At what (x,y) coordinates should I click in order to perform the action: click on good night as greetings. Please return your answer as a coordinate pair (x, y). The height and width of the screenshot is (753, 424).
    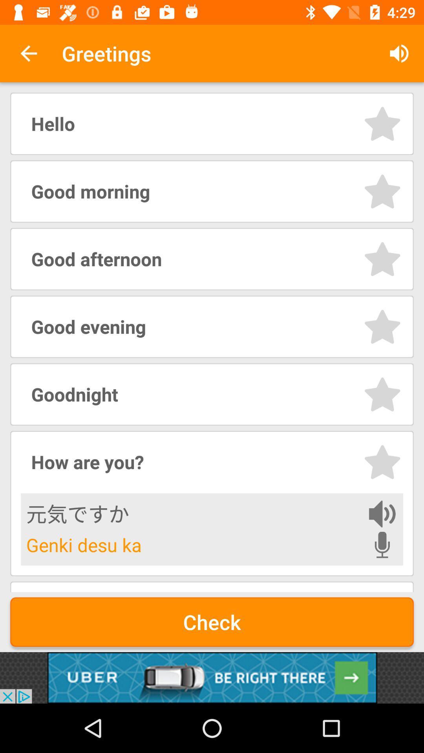
    Looking at the image, I should click on (382, 394).